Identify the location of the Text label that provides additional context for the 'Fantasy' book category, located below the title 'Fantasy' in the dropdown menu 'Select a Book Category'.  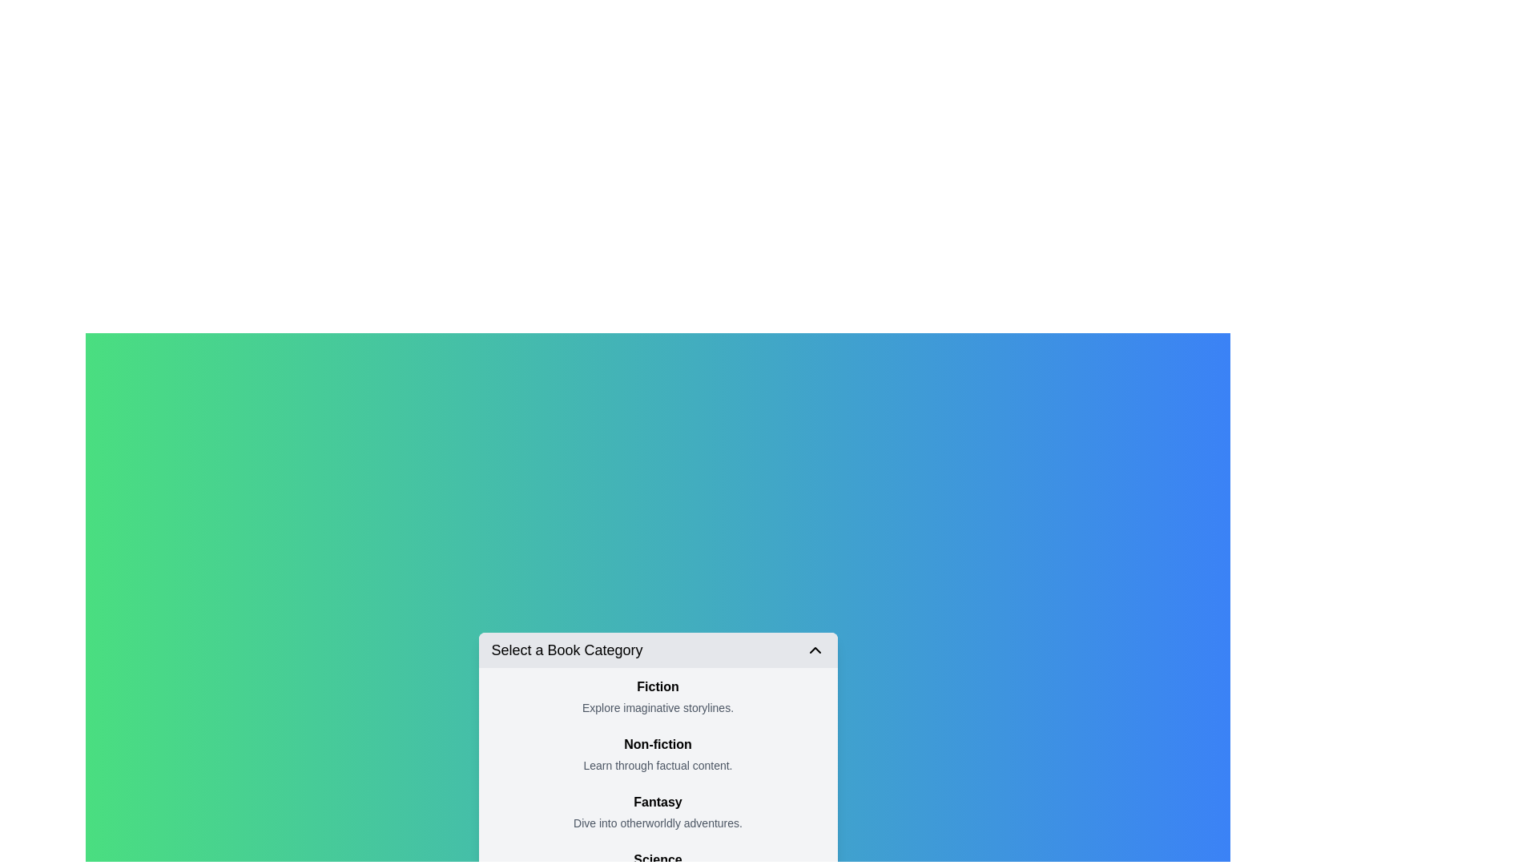
(658, 823).